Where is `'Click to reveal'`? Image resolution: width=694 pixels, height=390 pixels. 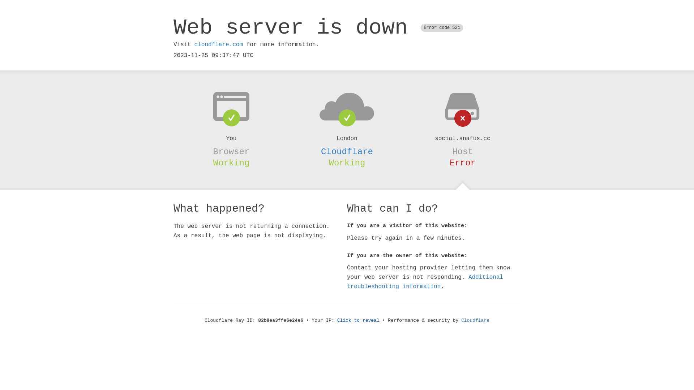 'Click to reveal' is located at coordinates (358, 320).